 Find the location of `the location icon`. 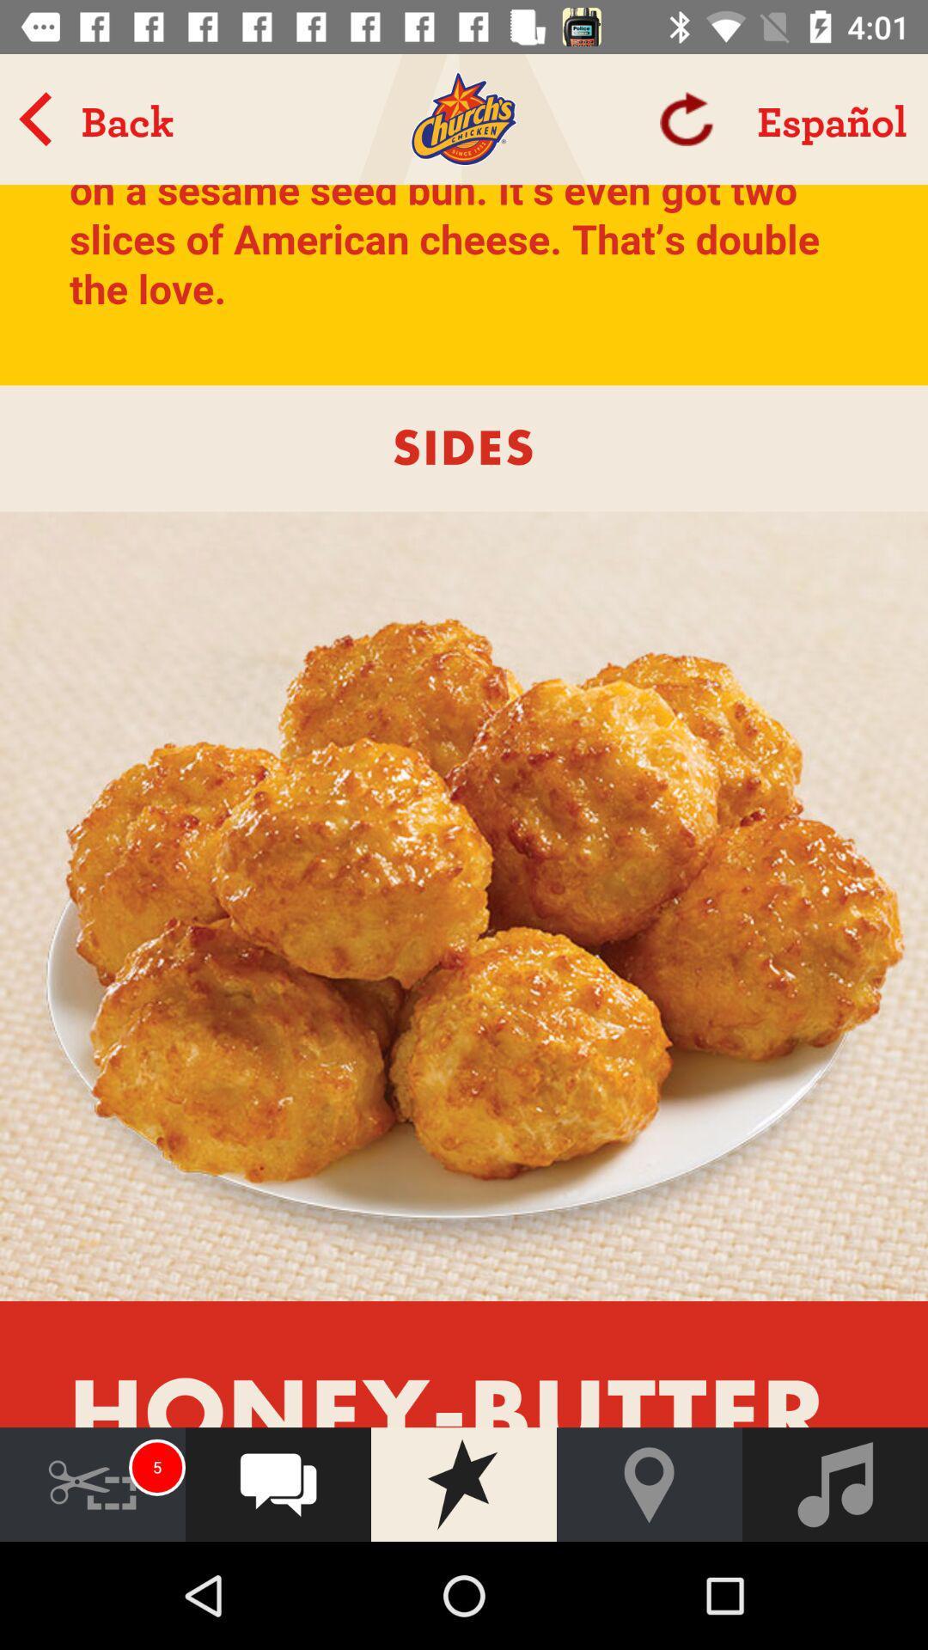

the location icon is located at coordinates (650, 1483).